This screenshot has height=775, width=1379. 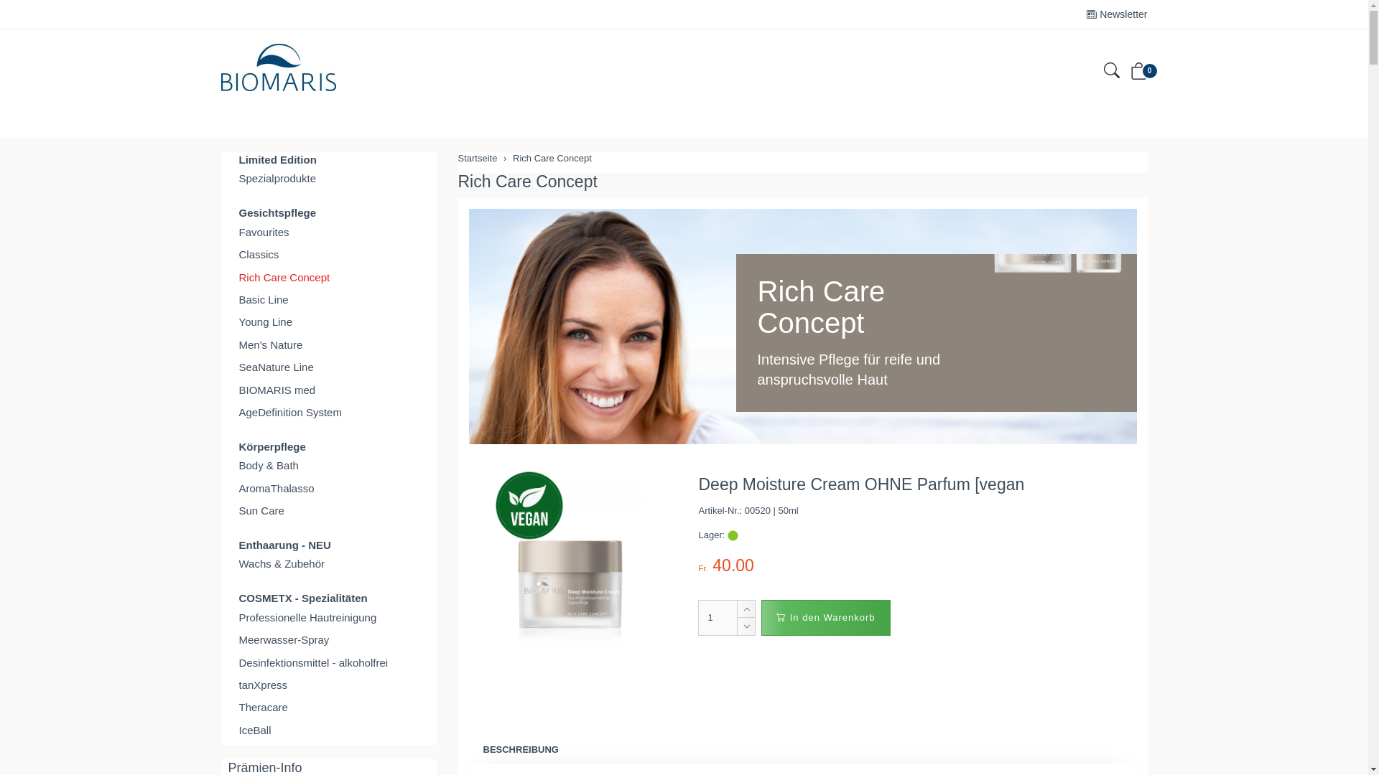 What do you see at coordinates (328, 616) in the screenshot?
I see `'Professionelle Hautreinigung'` at bounding box center [328, 616].